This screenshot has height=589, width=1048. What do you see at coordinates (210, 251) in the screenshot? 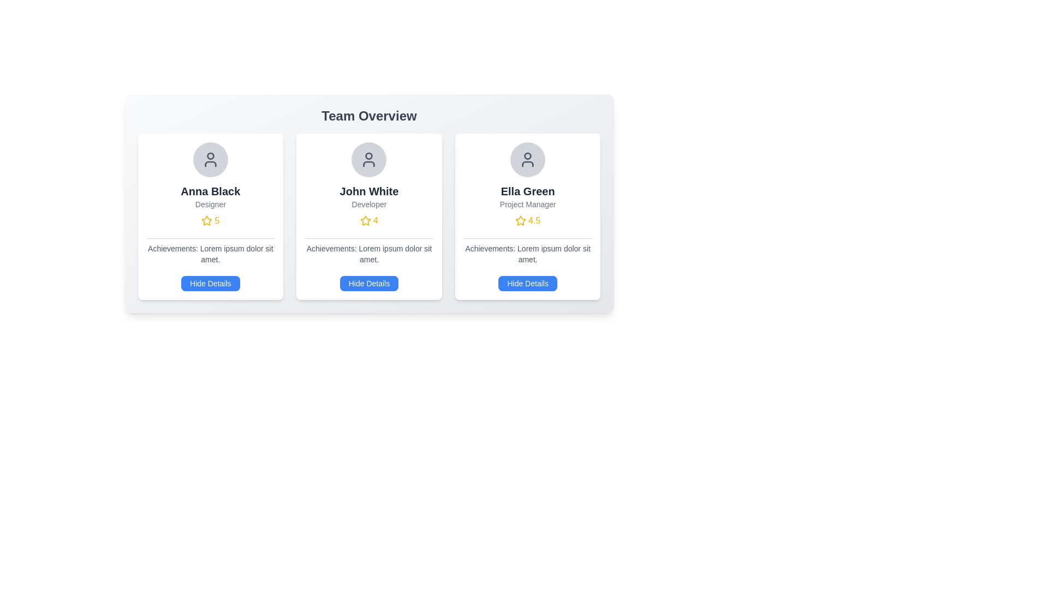
I see `descriptive text block located within the card layout for 'Anna Black', positioned below the rating and above the 'Hide Details' button` at bounding box center [210, 251].